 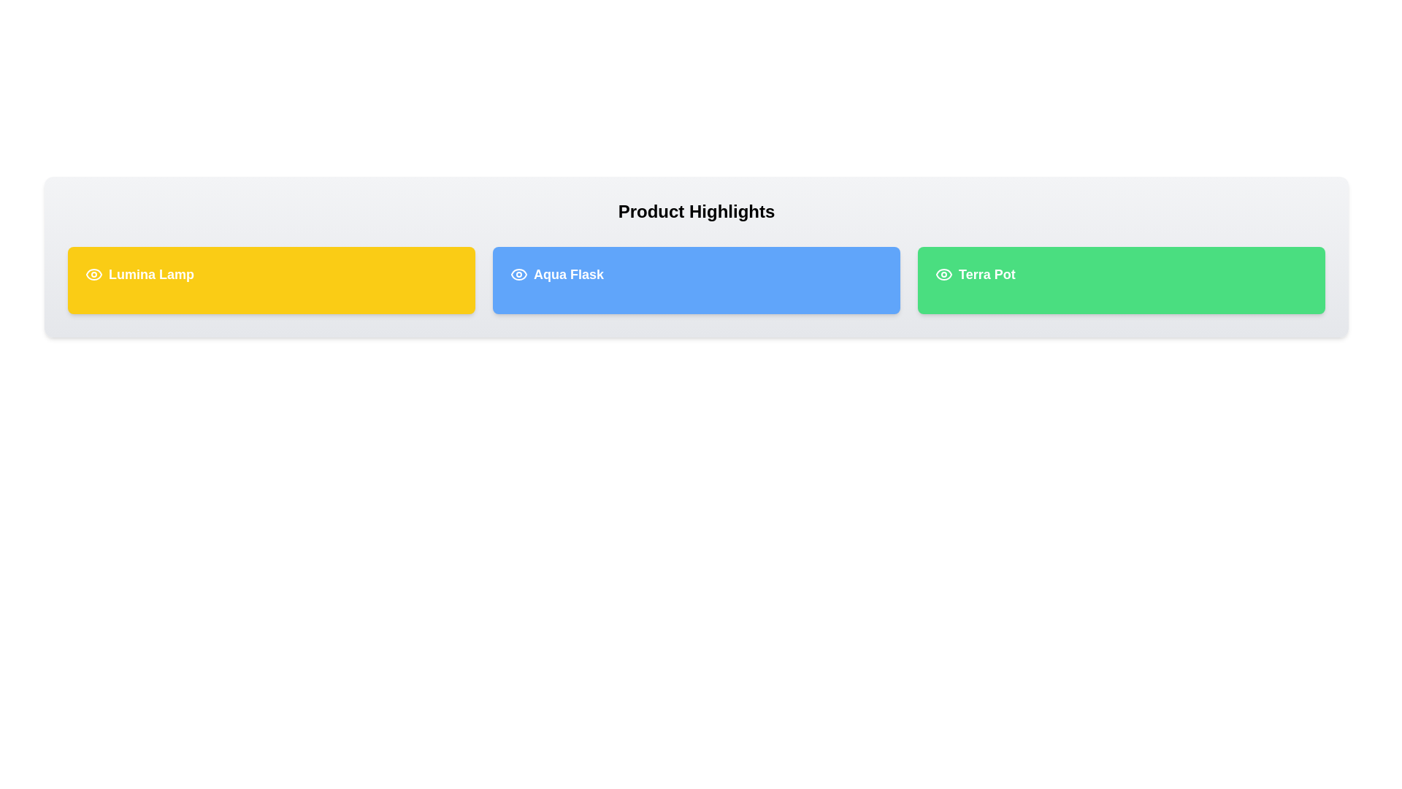 What do you see at coordinates (518, 274) in the screenshot?
I see `the visibility icon positioned to the left of the 'Aqua Flask' text` at bounding box center [518, 274].